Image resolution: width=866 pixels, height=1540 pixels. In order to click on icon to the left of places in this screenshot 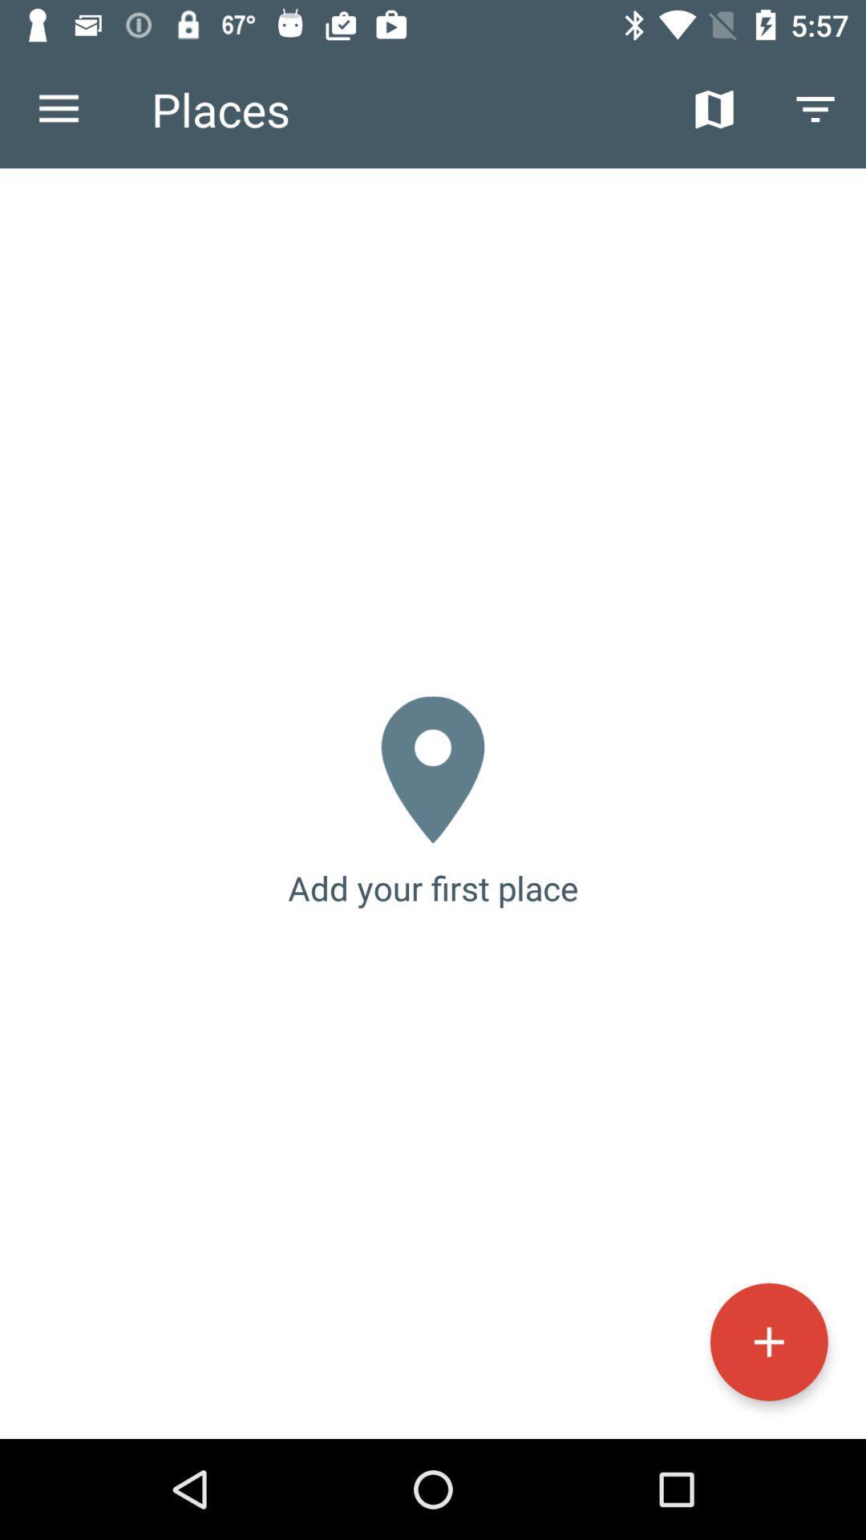, I will do `click(58, 108)`.